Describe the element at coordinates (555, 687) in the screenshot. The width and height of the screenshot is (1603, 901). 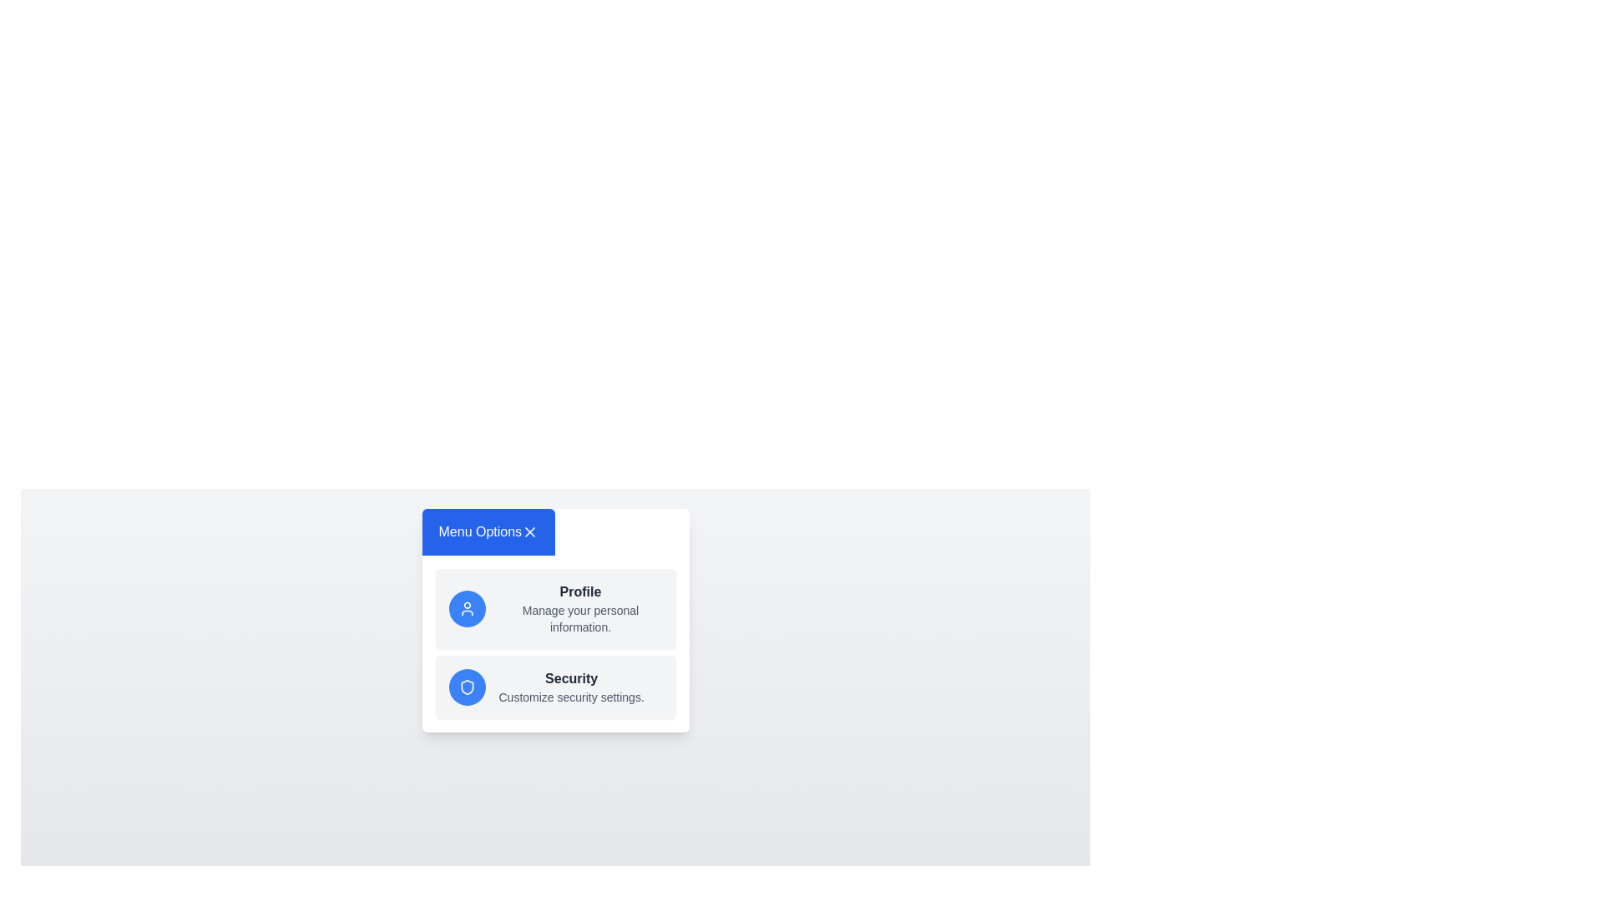
I see `the 'Security' menu item` at that location.